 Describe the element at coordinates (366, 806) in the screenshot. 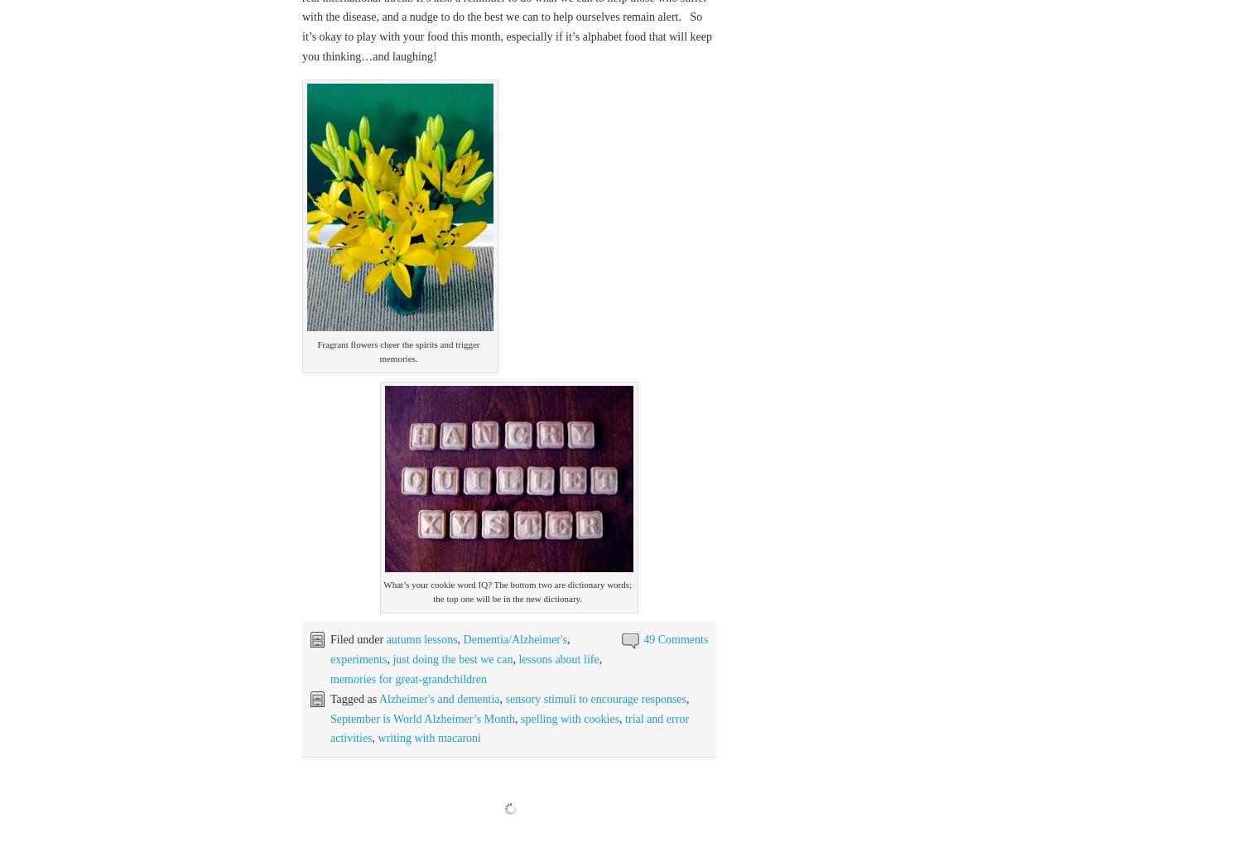

I see `'November 1, 2014 · 5:23 am'` at that location.